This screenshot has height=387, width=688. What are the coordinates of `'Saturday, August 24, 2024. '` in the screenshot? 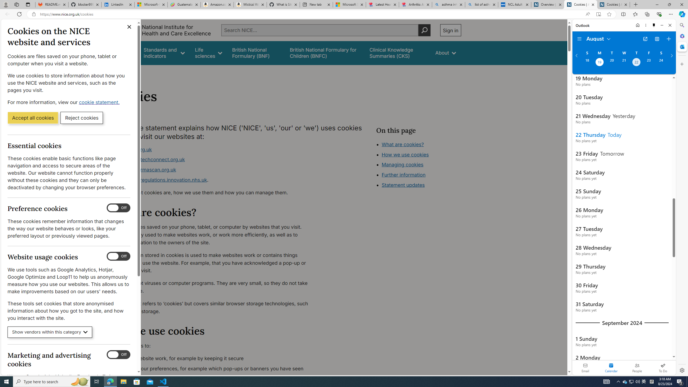 It's located at (661, 63).